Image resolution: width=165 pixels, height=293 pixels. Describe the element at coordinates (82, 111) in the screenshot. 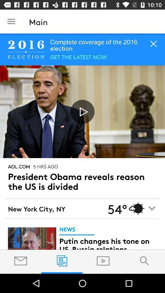

I see `the video` at that location.